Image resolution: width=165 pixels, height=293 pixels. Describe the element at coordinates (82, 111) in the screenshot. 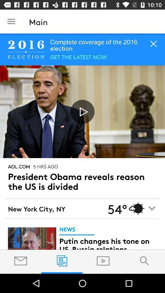

I see `the video` at that location.